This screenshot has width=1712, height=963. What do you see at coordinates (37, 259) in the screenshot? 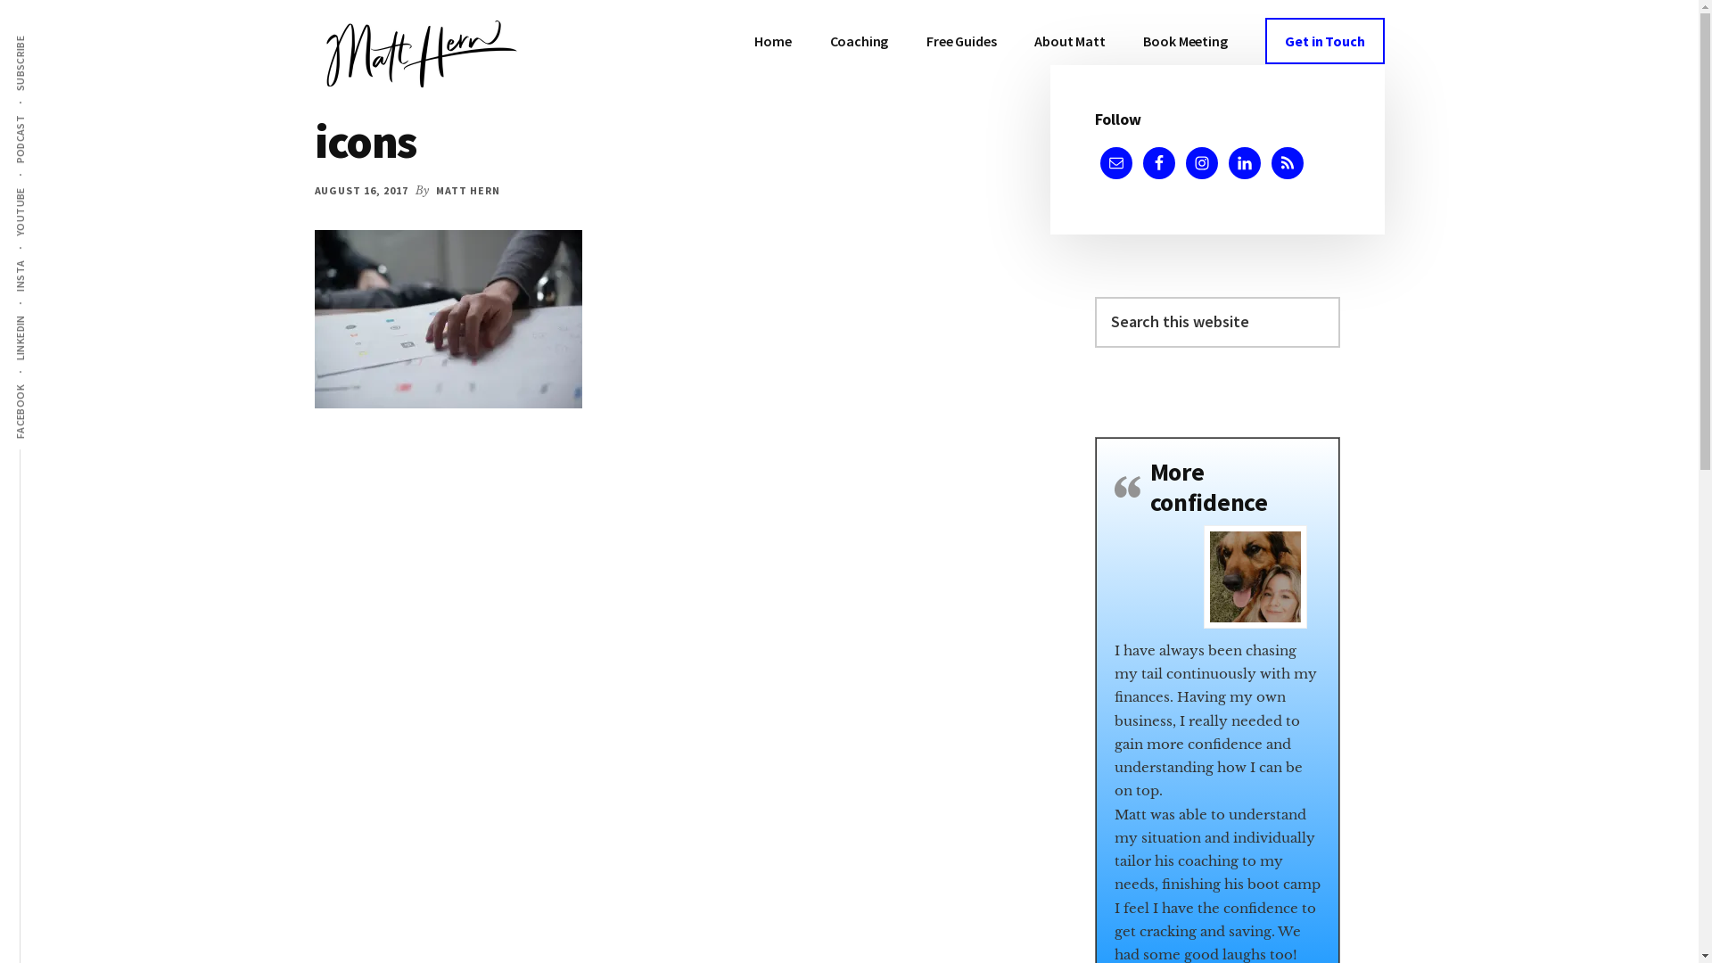
I see `'INSTA'` at bounding box center [37, 259].